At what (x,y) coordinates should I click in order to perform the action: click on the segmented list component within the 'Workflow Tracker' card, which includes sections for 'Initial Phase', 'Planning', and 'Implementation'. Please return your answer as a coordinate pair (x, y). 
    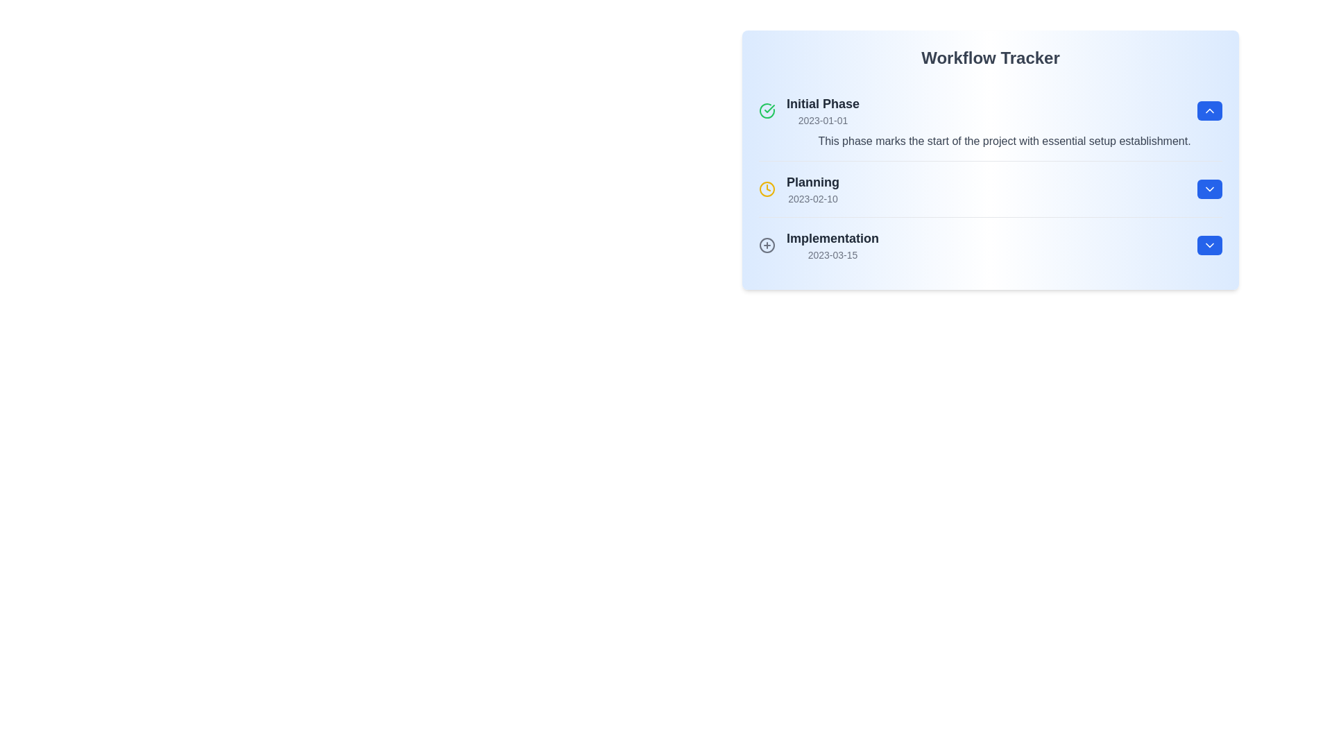
    Looking at the image, I should click on (990, 178).